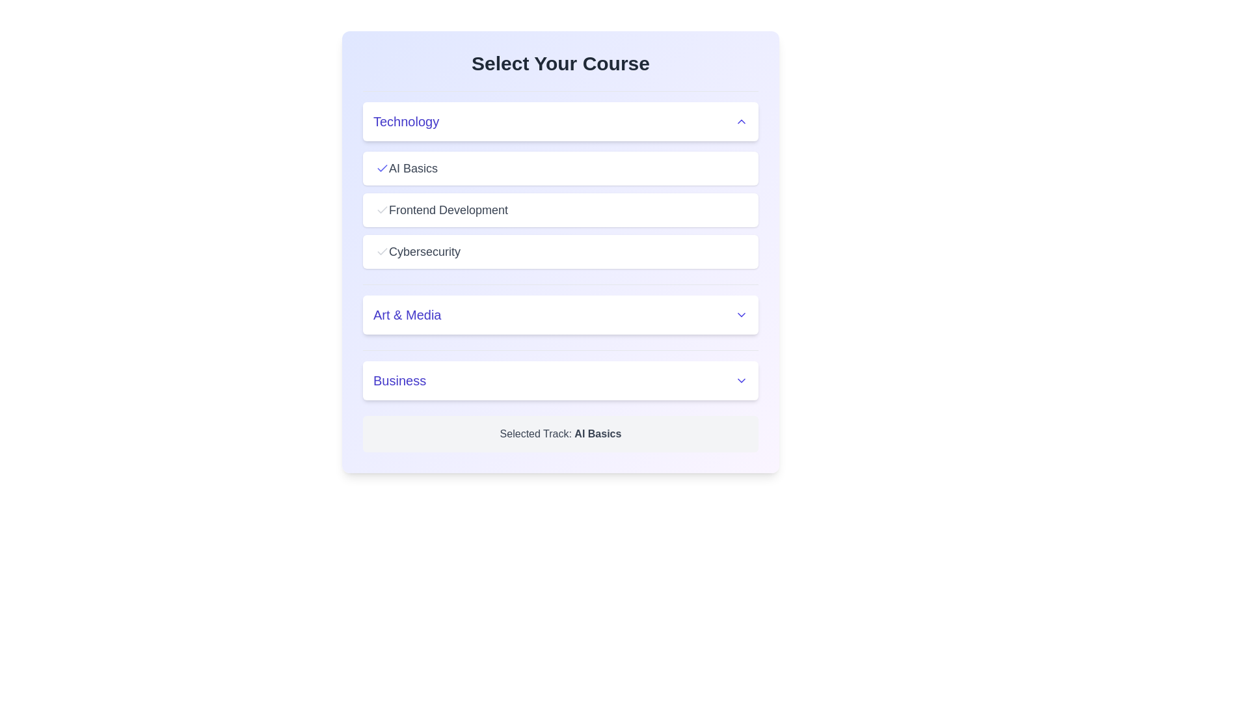  What do you see at coordinates (597, 434) in the screenshot?
I see `displayed text of the label that shows the title of the selected track, 'AI Basics', located in the section marked with 'Selected Track:' near the center-bottom of the form layout` at bounding box center [597, 434].